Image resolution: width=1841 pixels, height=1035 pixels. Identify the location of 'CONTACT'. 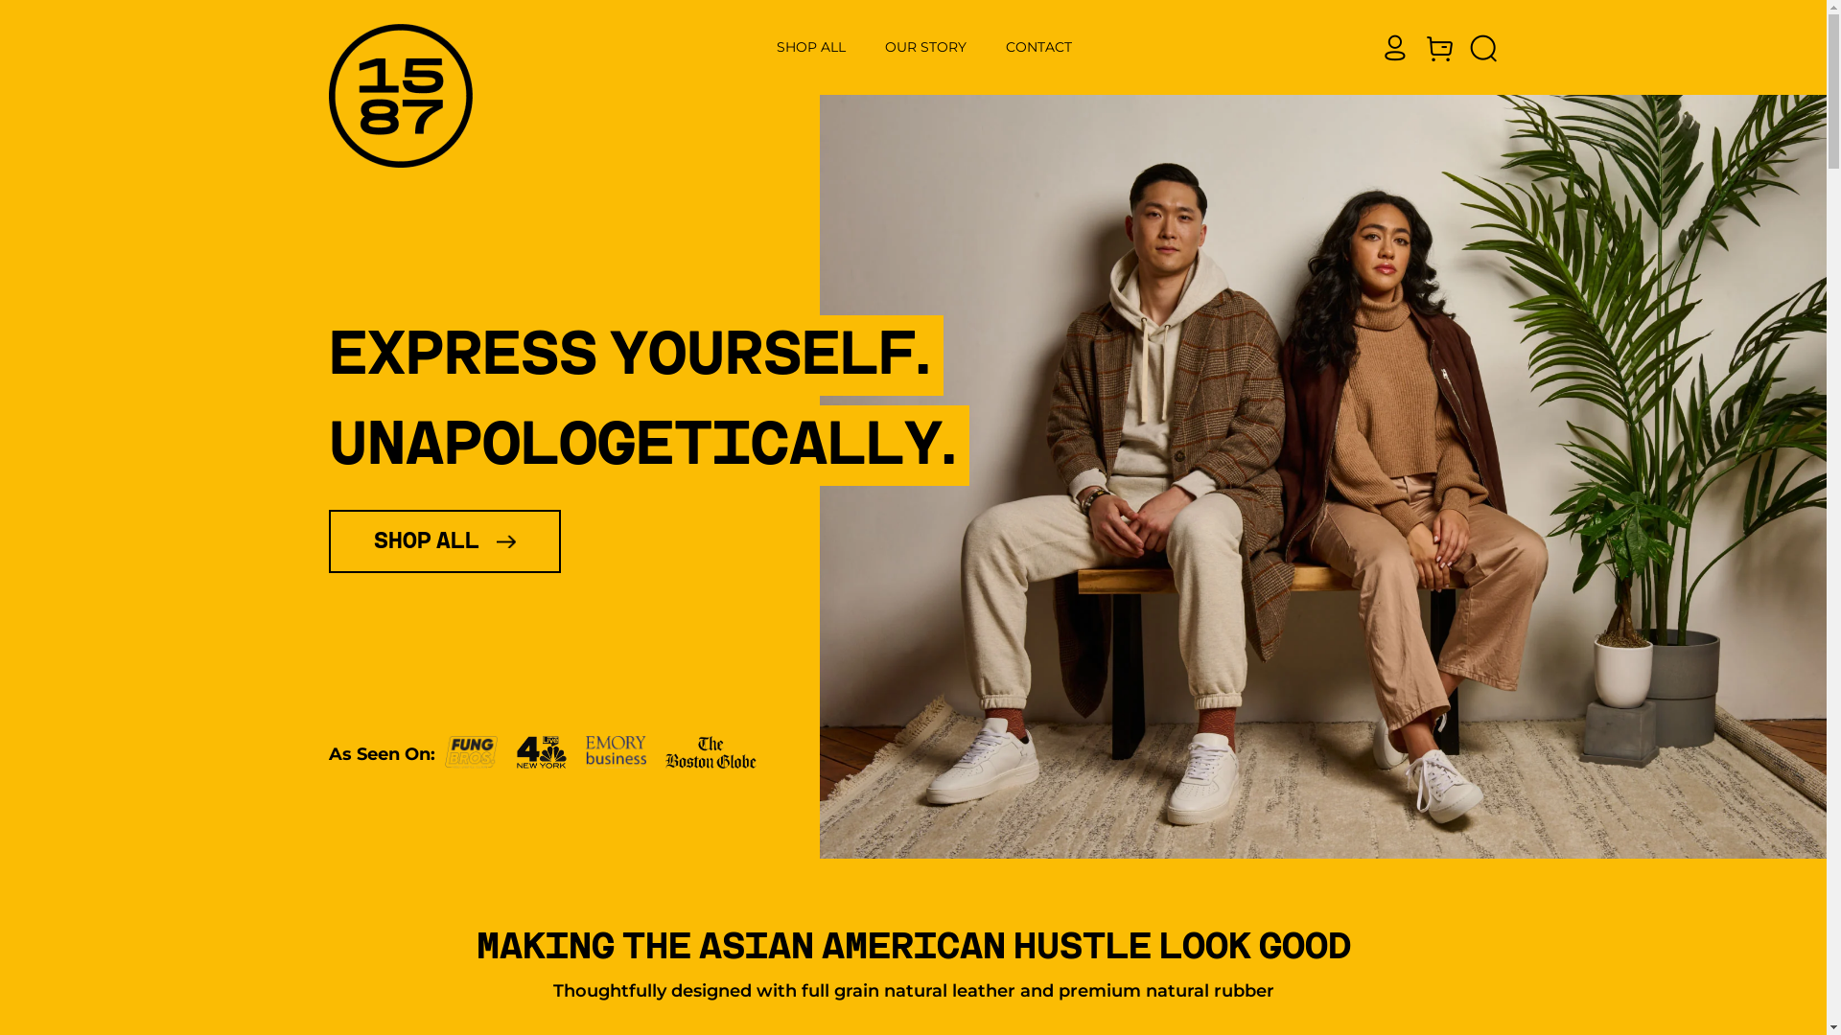
(1038, 46).